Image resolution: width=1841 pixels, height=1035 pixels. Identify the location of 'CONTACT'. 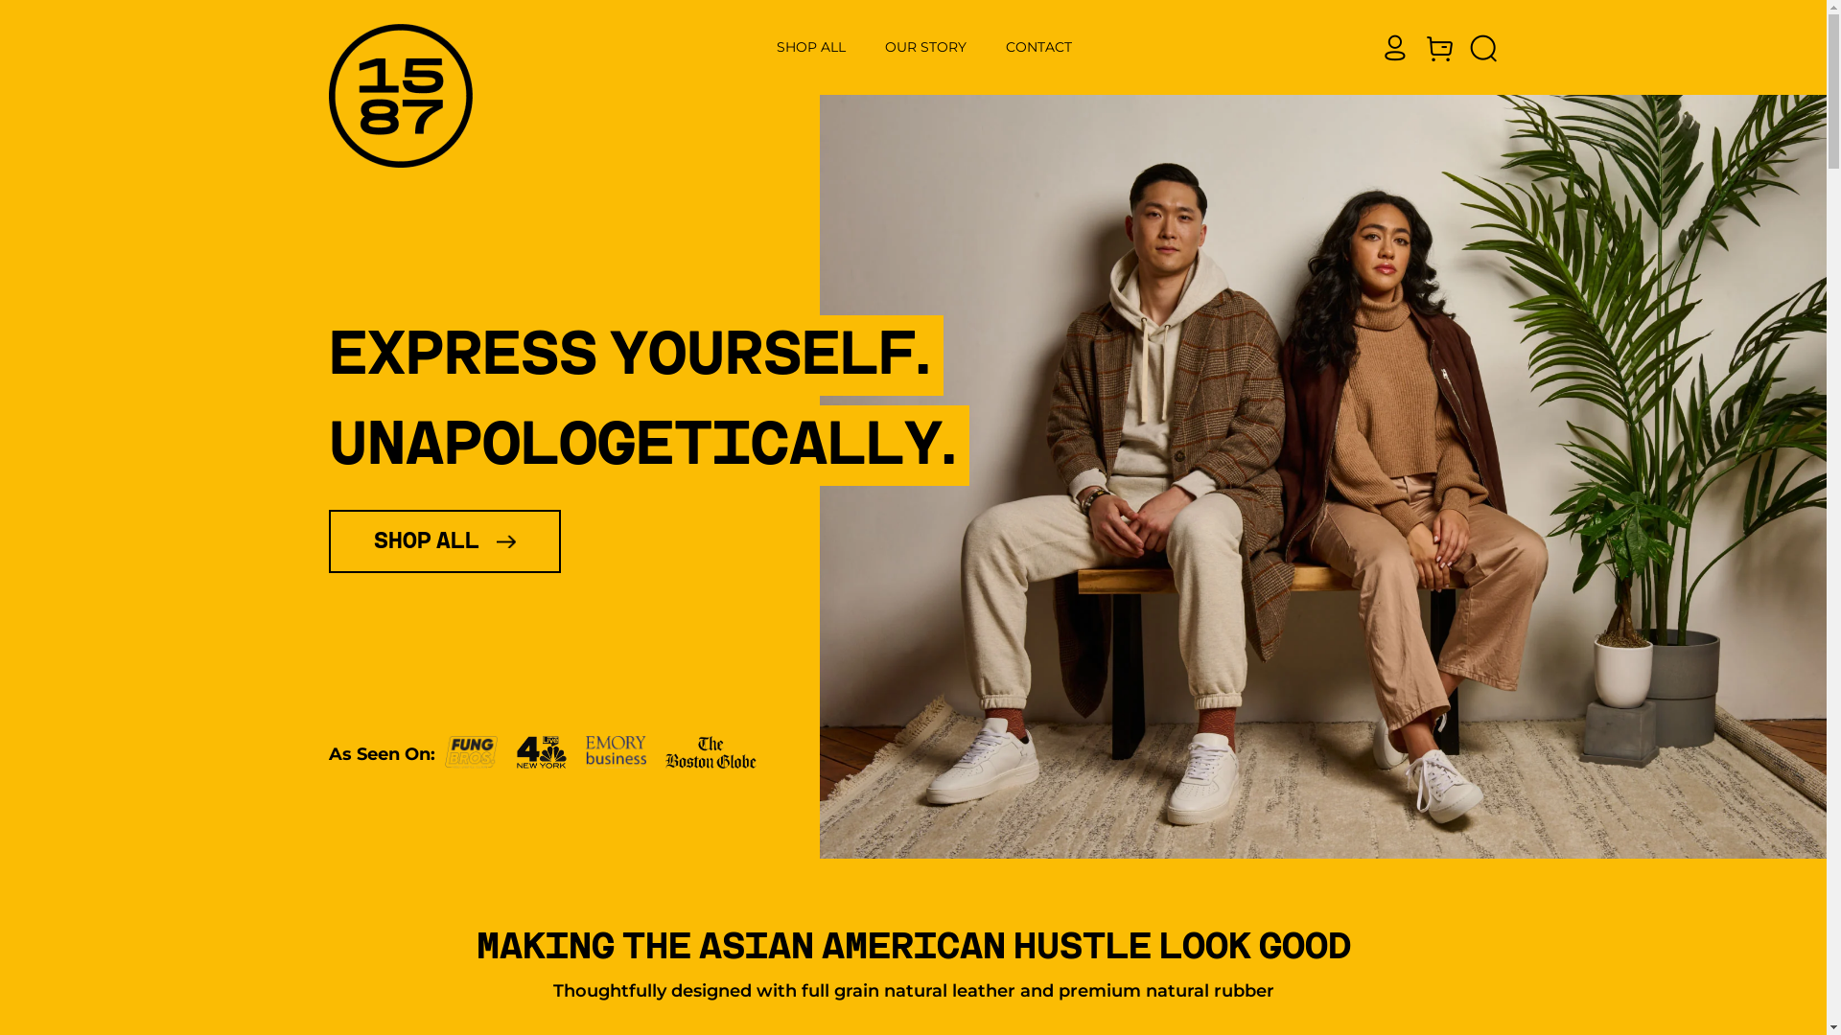
(1038, 46).